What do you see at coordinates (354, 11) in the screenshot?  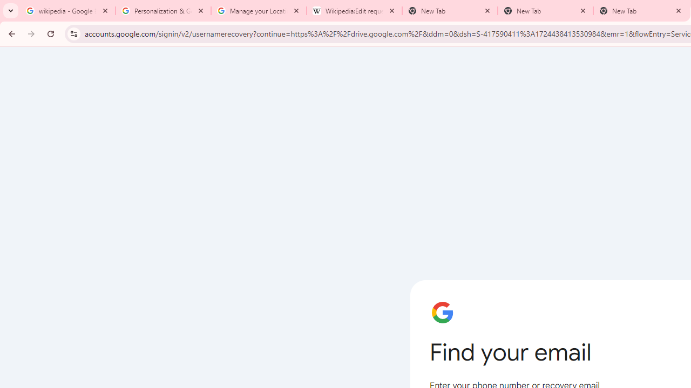 I see `'Wikipedia:Edit requests - Wikipedia'` at bounding box center [354, 11].